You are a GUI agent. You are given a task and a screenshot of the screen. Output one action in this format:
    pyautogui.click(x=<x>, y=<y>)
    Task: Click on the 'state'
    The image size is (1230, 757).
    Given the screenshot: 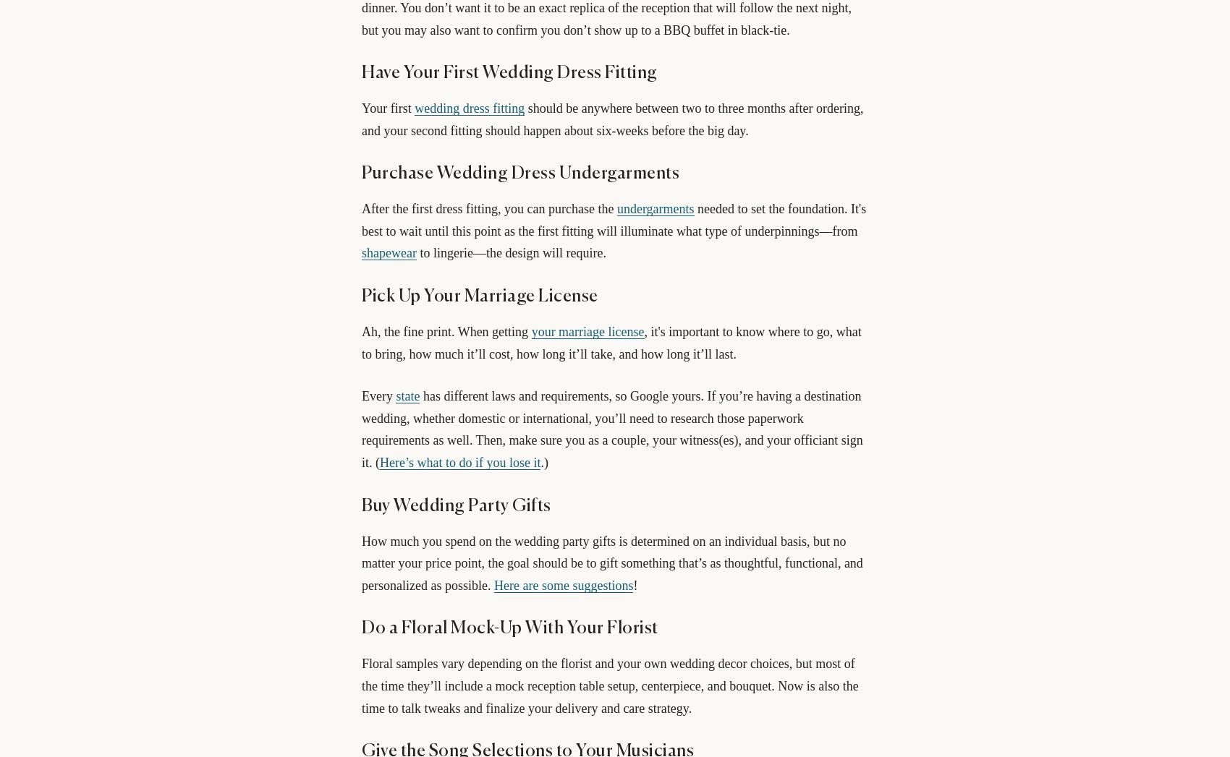 What is the action you would take?
    pyautogui.click(x=407, y=395)
    